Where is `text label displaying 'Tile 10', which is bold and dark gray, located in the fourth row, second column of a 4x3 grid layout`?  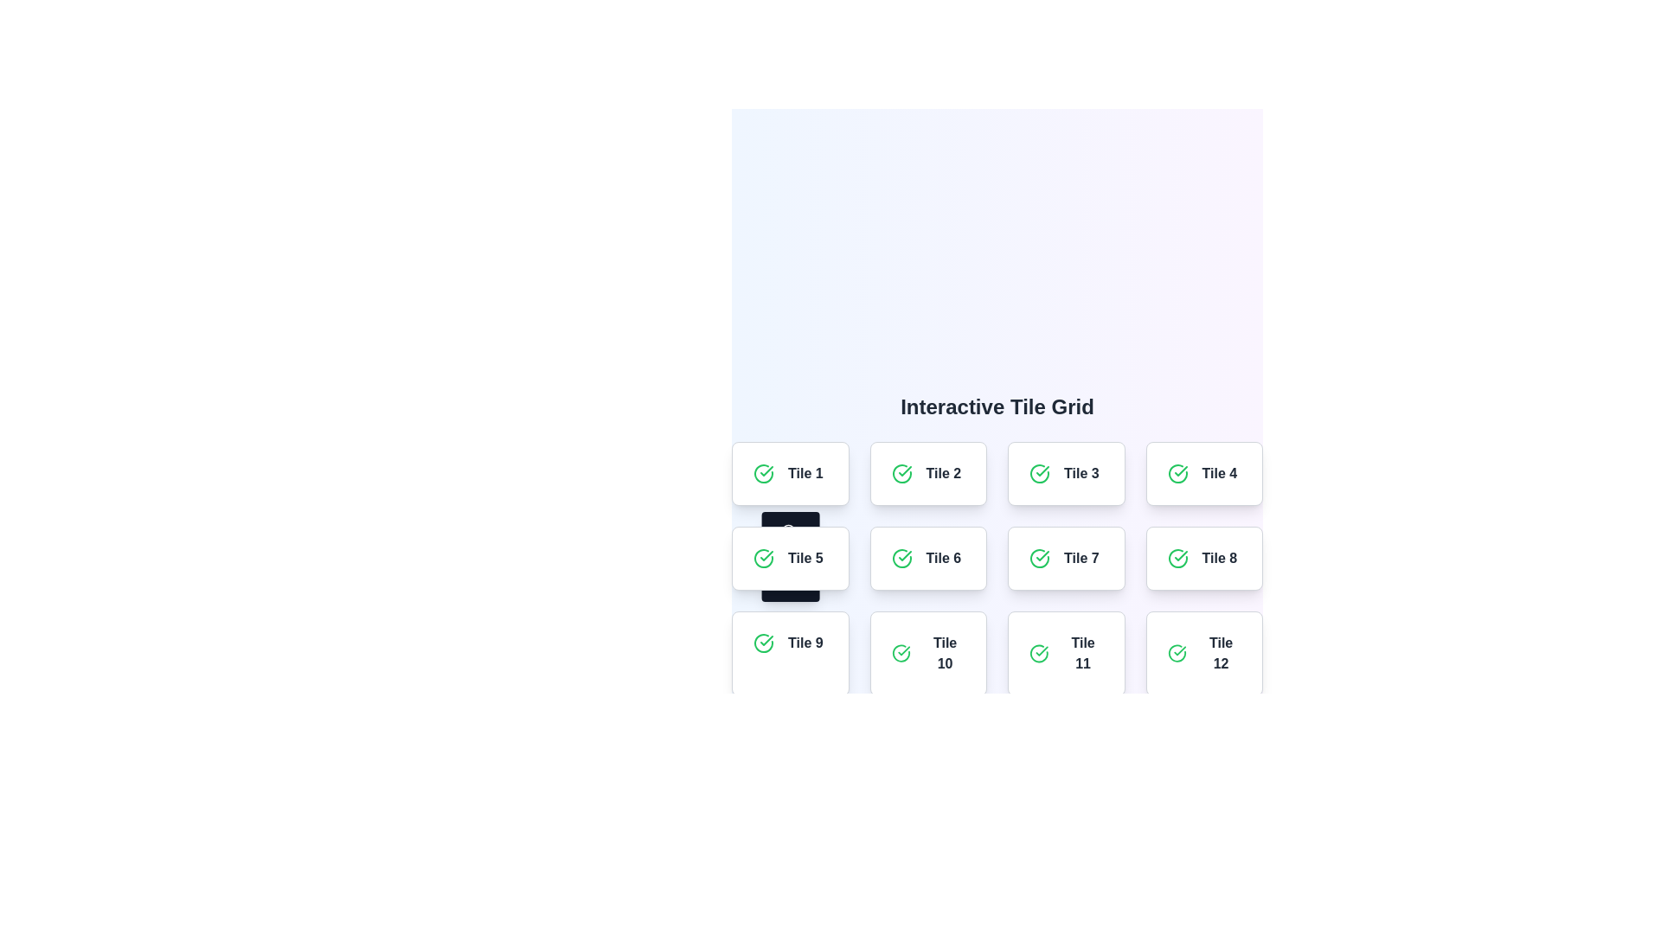 text label displaying 'Tile 10', which is bold and dark gray, located in the fourth row, second column of a 4x3 grid layout is located at coordinates (944, 654).